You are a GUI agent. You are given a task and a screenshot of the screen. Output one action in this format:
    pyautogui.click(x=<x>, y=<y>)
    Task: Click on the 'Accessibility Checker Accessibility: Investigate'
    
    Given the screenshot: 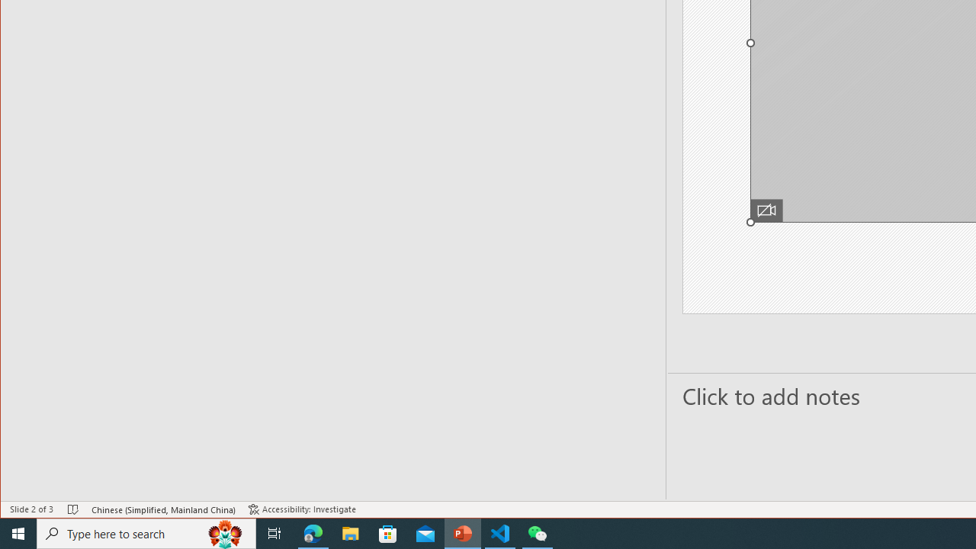 What is the action you would take?
    pyautogui.click(x=302, y=509)
    